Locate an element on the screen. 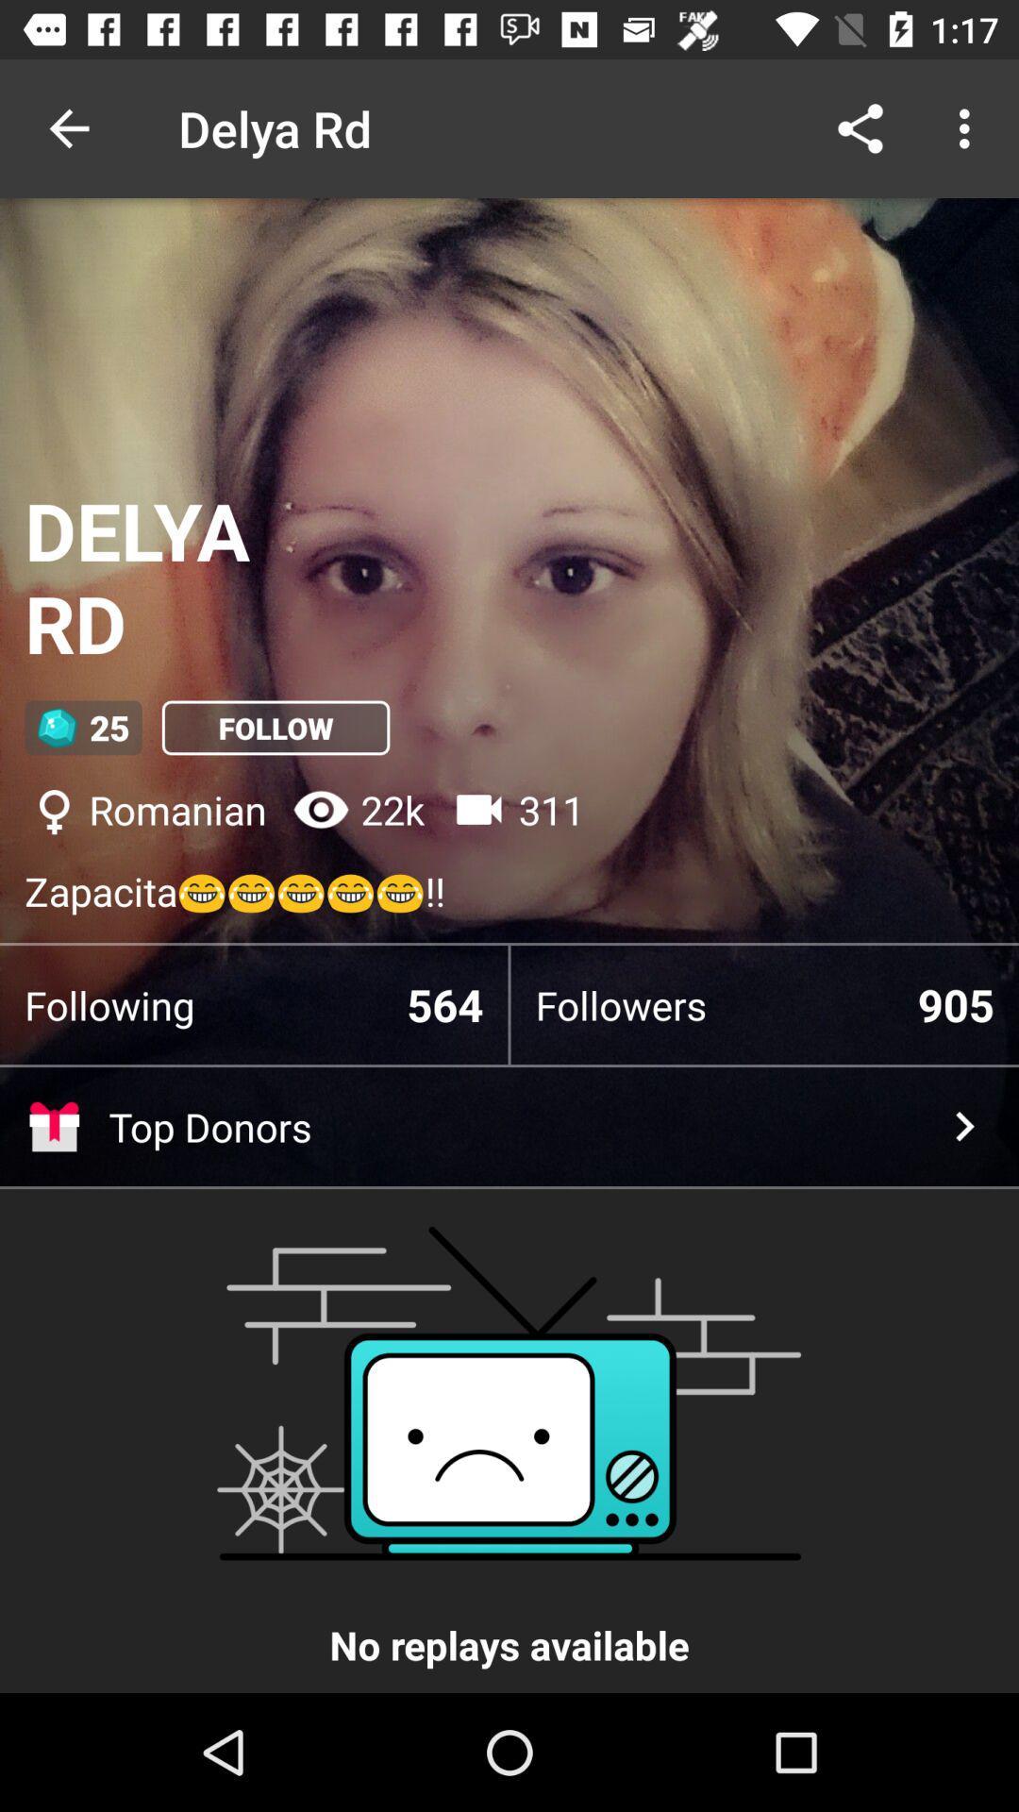  item below the delya is located at coordinates (276, 727).